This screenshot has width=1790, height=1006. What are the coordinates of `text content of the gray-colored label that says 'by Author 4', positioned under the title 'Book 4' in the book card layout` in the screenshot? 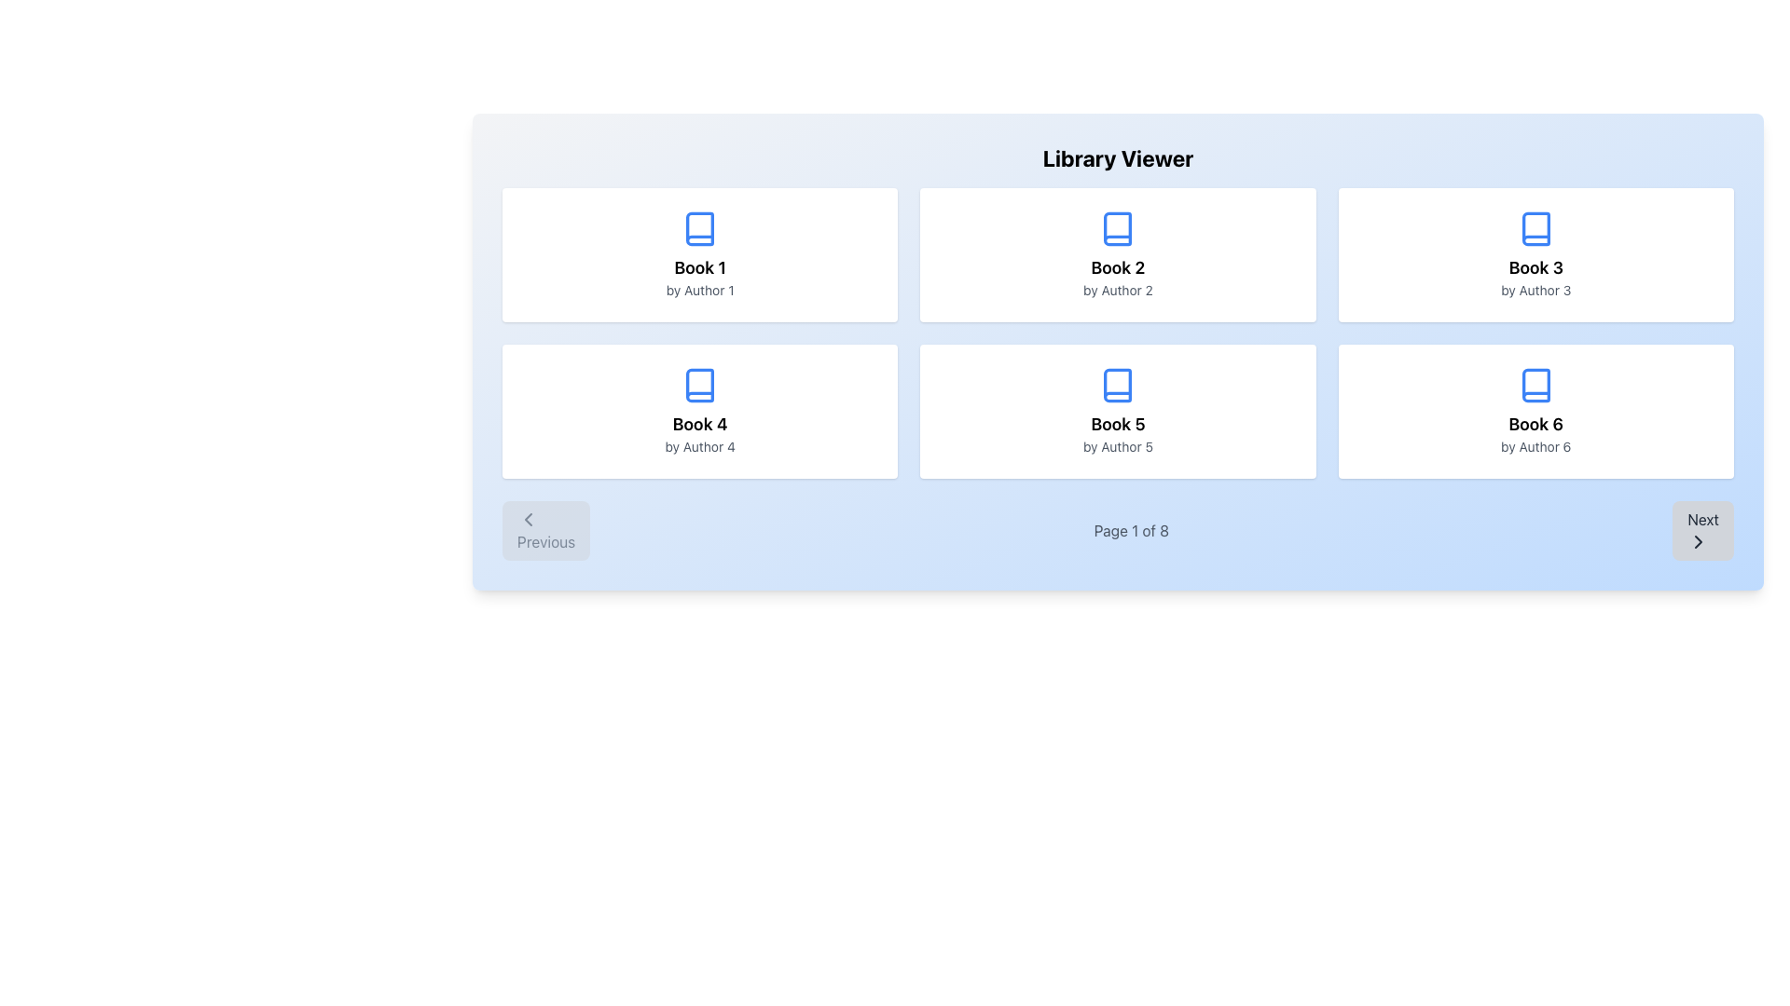 It's located at (699, 446).